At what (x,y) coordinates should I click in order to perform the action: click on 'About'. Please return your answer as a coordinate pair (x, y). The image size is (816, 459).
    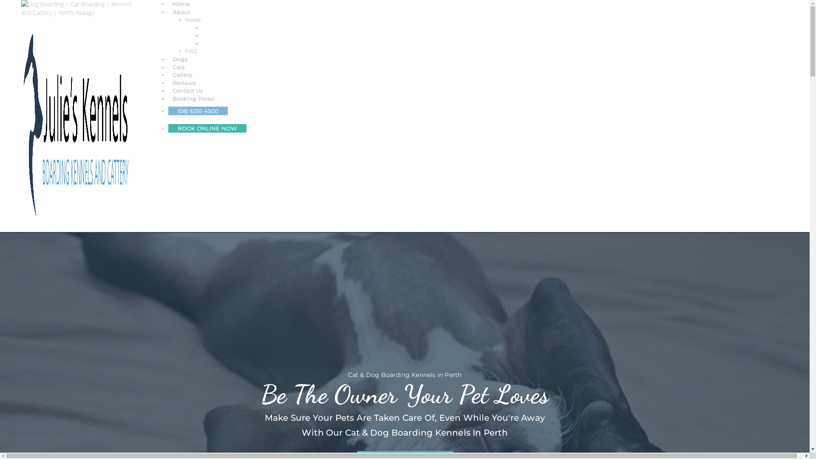
    Looking at the image, I should click on (181, 11).